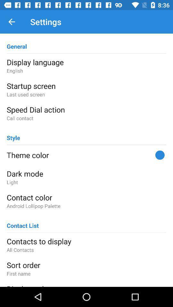 The height and width of the screenshot is (307, 173). I want to click on speed dial action, so click(86, 109).